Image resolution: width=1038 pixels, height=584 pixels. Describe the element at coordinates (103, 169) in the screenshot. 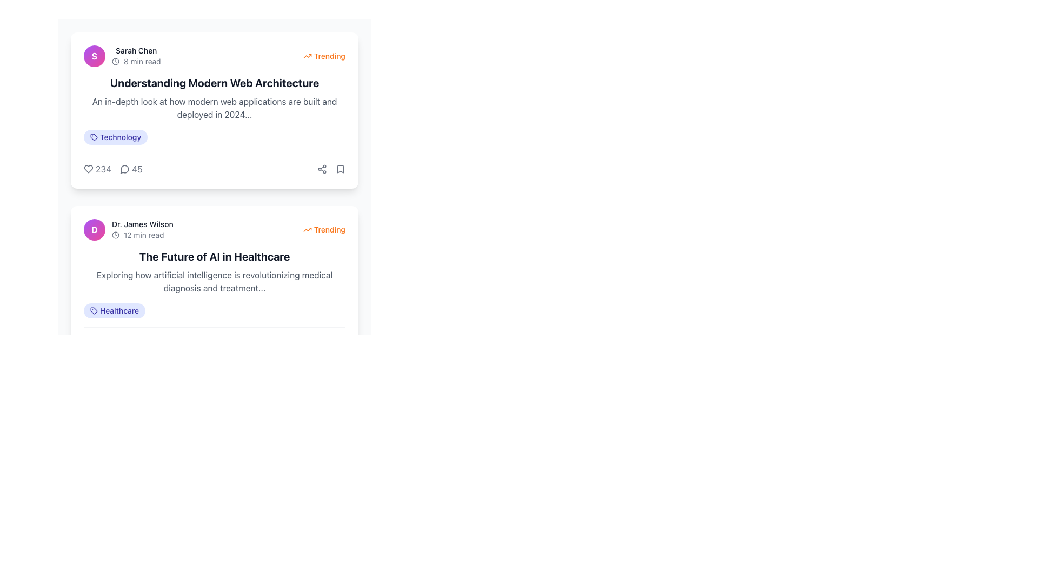

I see `the text label that indicates the numeric count of likes or favorites associated with the article for accessibility tools` at that location.